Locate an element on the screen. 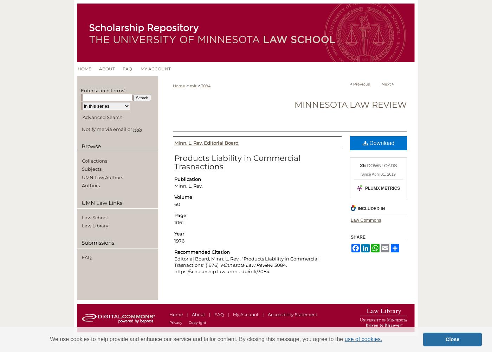  'Included in' is located at coordinates (371, 208).